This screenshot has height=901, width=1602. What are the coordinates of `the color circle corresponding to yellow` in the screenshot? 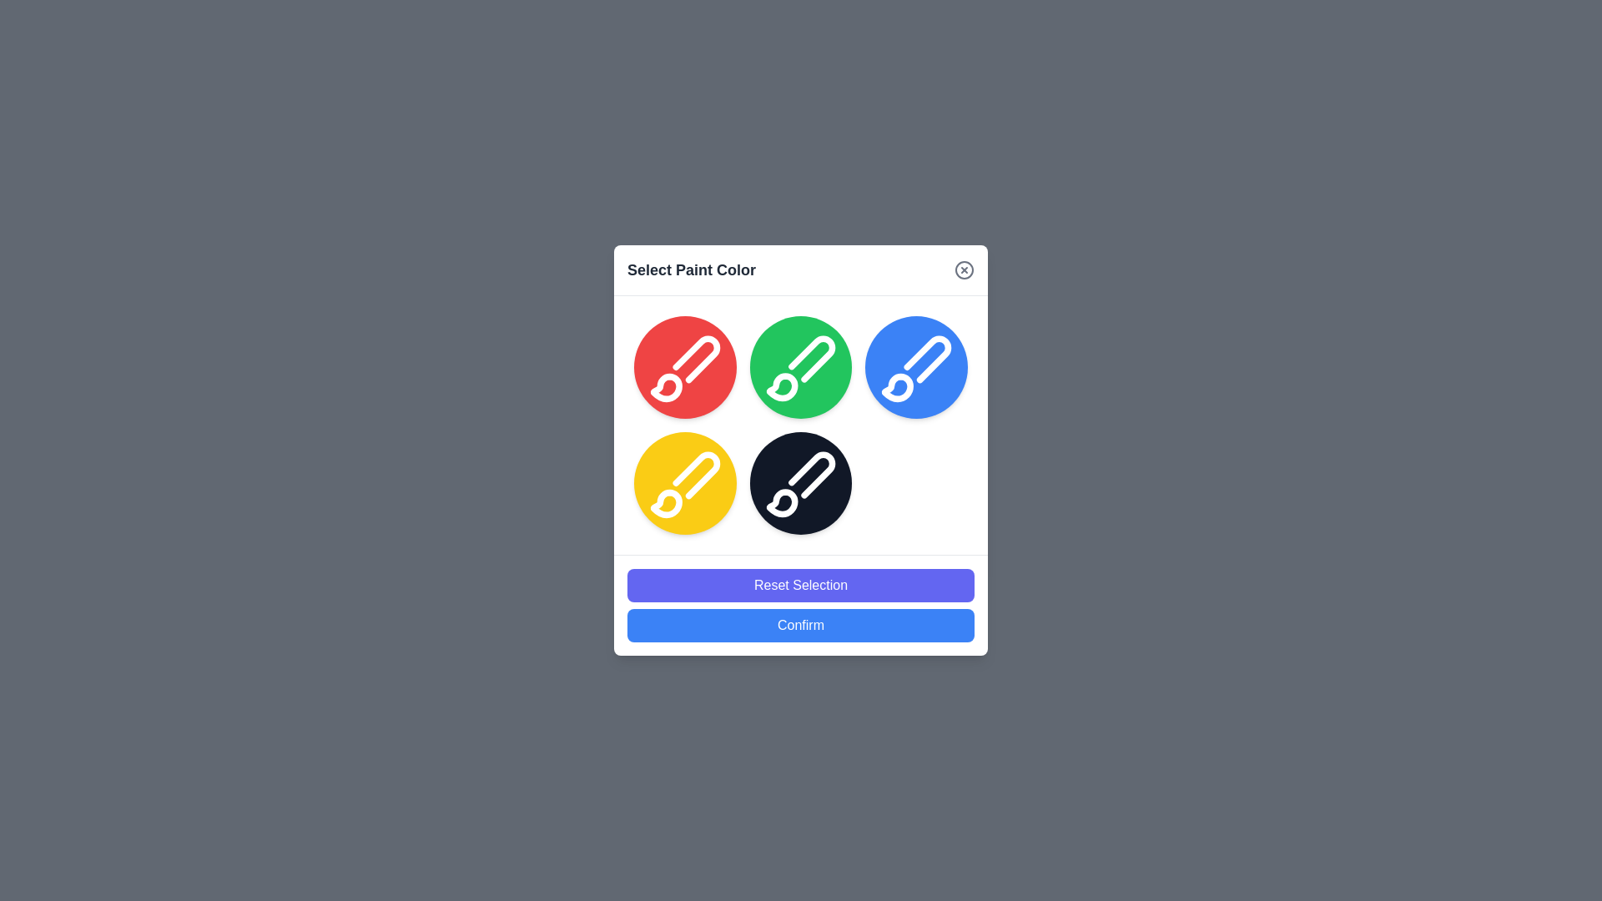 It's located at (684, 482).